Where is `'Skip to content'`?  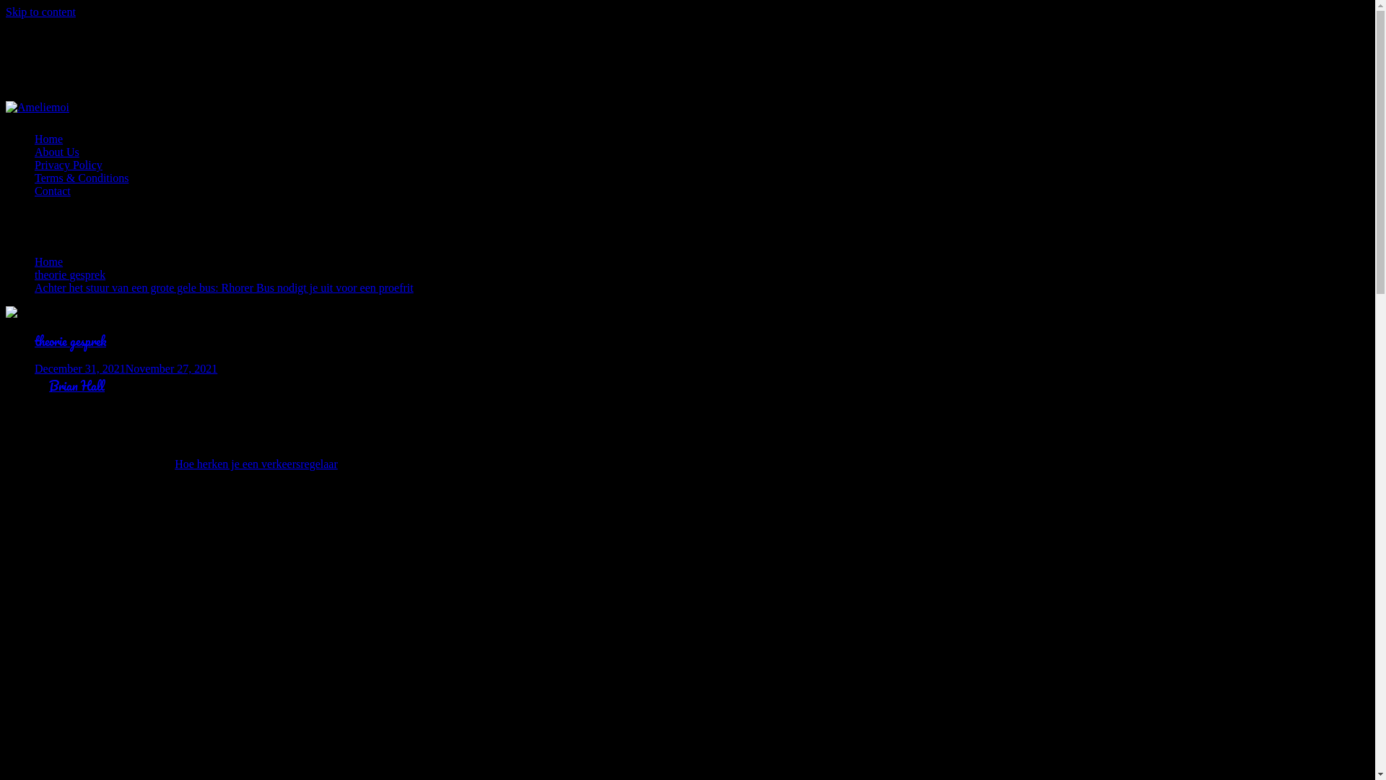
'Skip to content' is located at coordinates (40, 12).